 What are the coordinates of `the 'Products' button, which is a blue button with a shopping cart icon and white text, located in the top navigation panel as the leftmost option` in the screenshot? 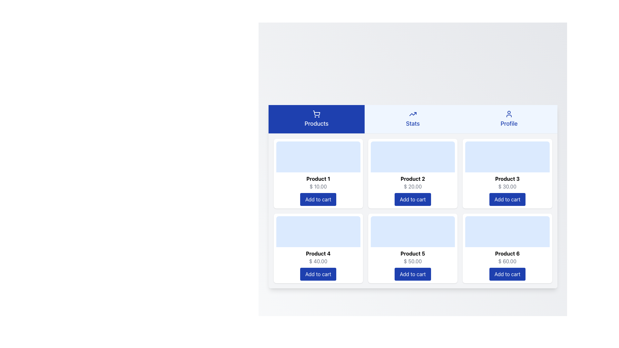 It's located at (316, 119).